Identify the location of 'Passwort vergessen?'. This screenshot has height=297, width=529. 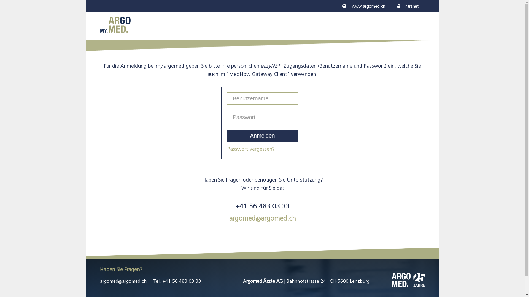
(250, 149).